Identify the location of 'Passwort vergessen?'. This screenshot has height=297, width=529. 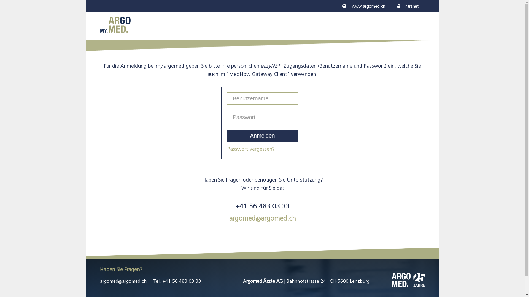
(250, 149).